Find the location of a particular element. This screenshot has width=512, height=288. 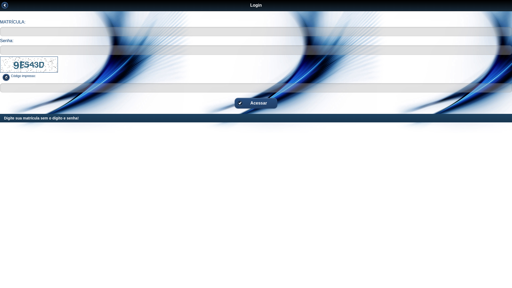

'Acessar' is located at coordinates (256, 103).